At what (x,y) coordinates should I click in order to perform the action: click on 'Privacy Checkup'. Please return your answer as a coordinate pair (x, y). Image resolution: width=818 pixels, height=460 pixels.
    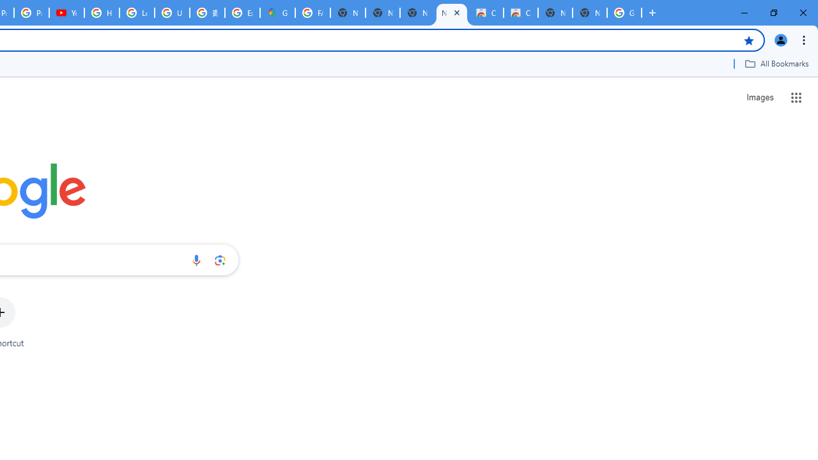
    Looking at the image, I should click on (31, 13).